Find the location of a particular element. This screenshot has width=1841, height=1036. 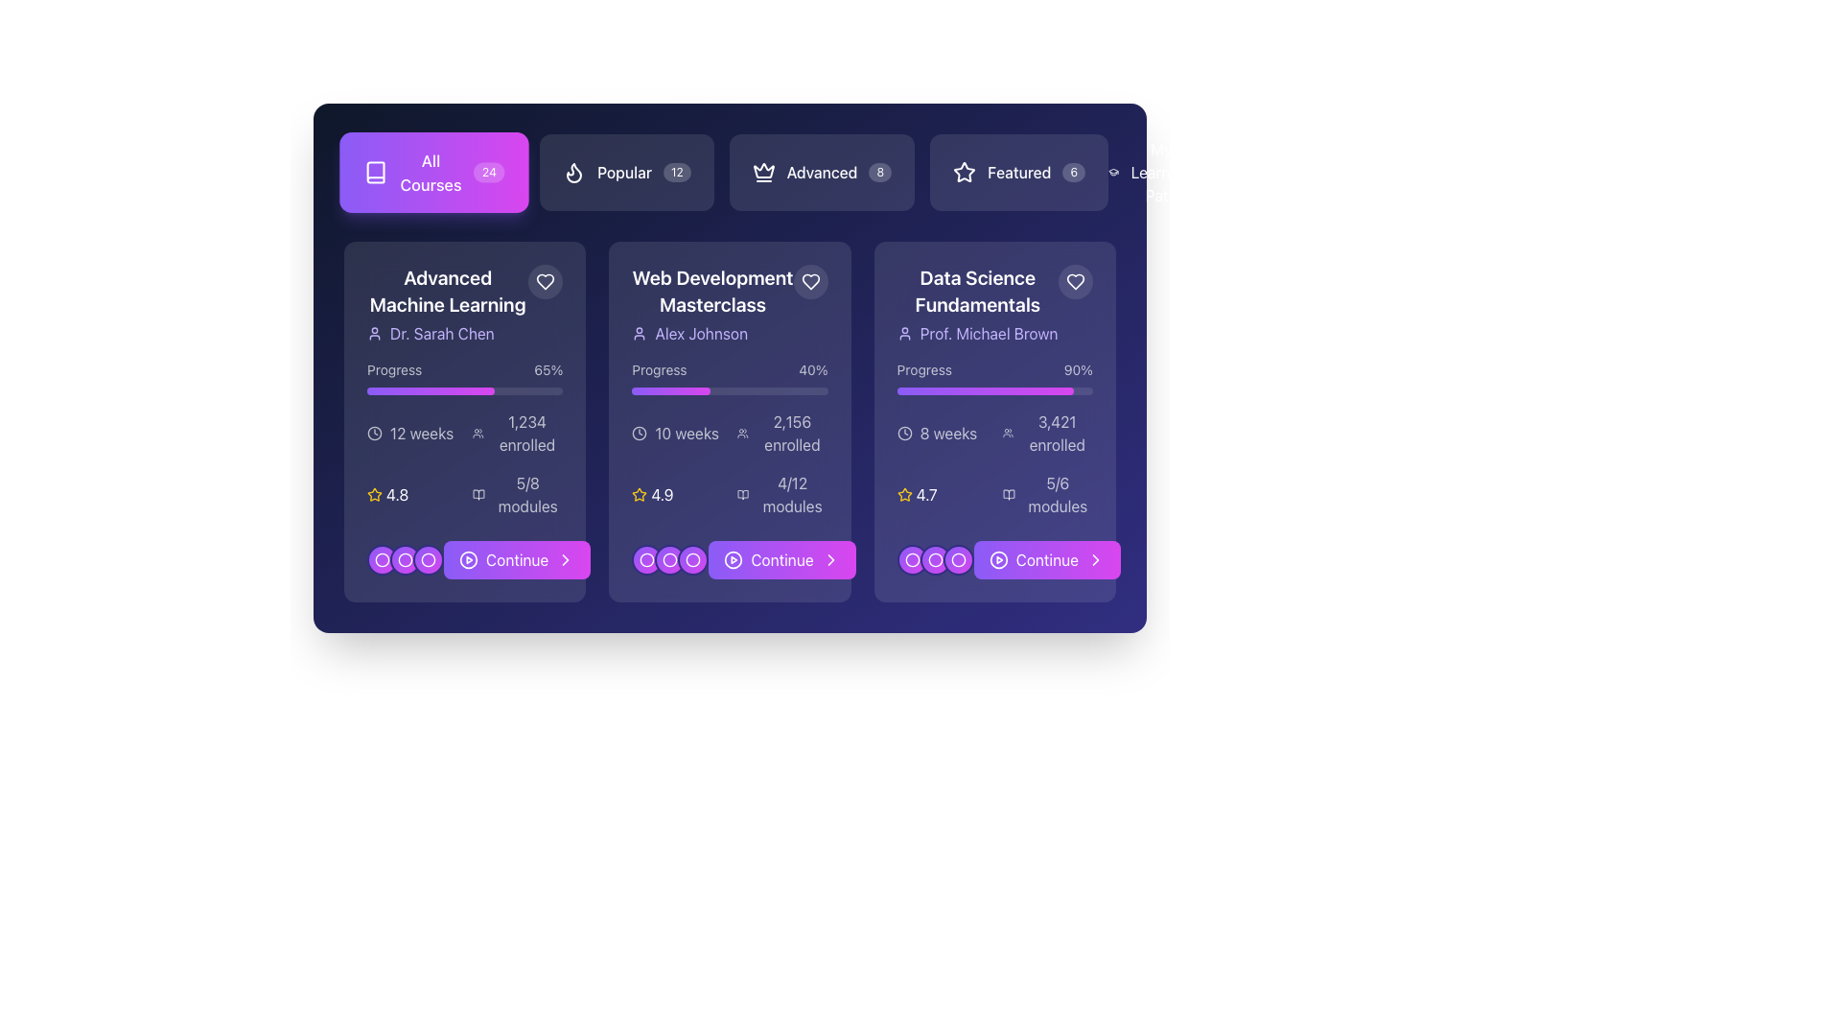

the 'Advanced' text label within the rounded rectangular button located in the middle section of the navigation row, which is flanked by an icon on the left and a numerical badge '8' on the right is located at coordinates (822, 173).